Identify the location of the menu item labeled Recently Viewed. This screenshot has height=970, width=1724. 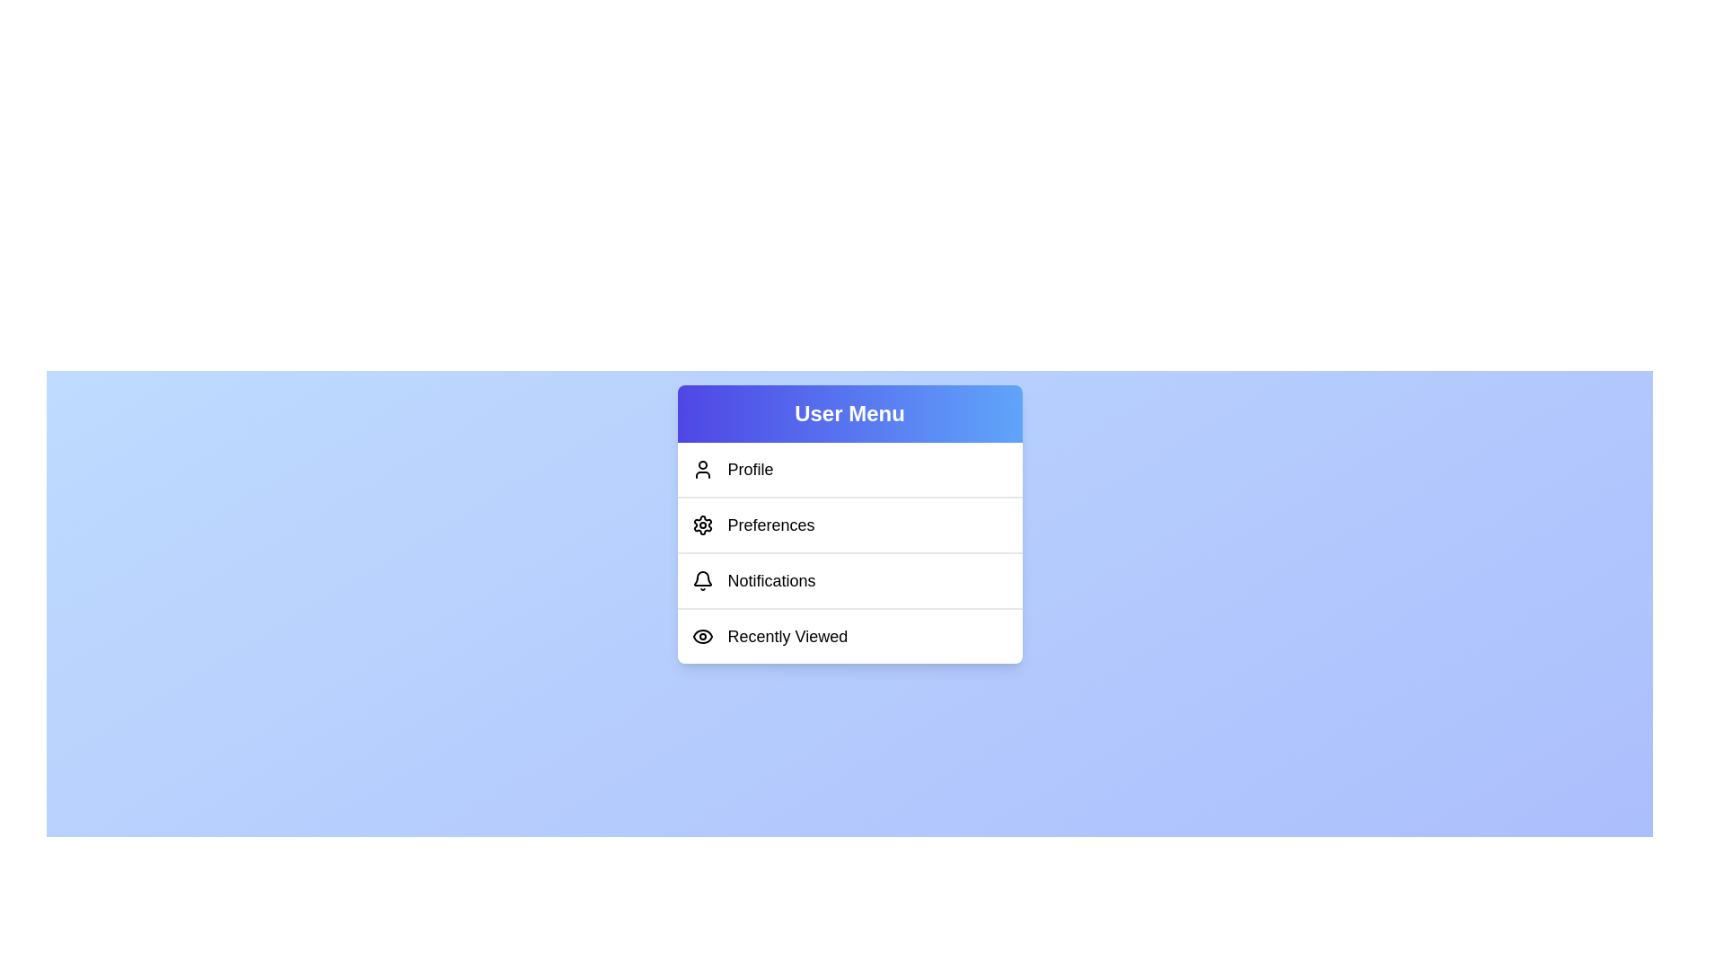
(849, 635).